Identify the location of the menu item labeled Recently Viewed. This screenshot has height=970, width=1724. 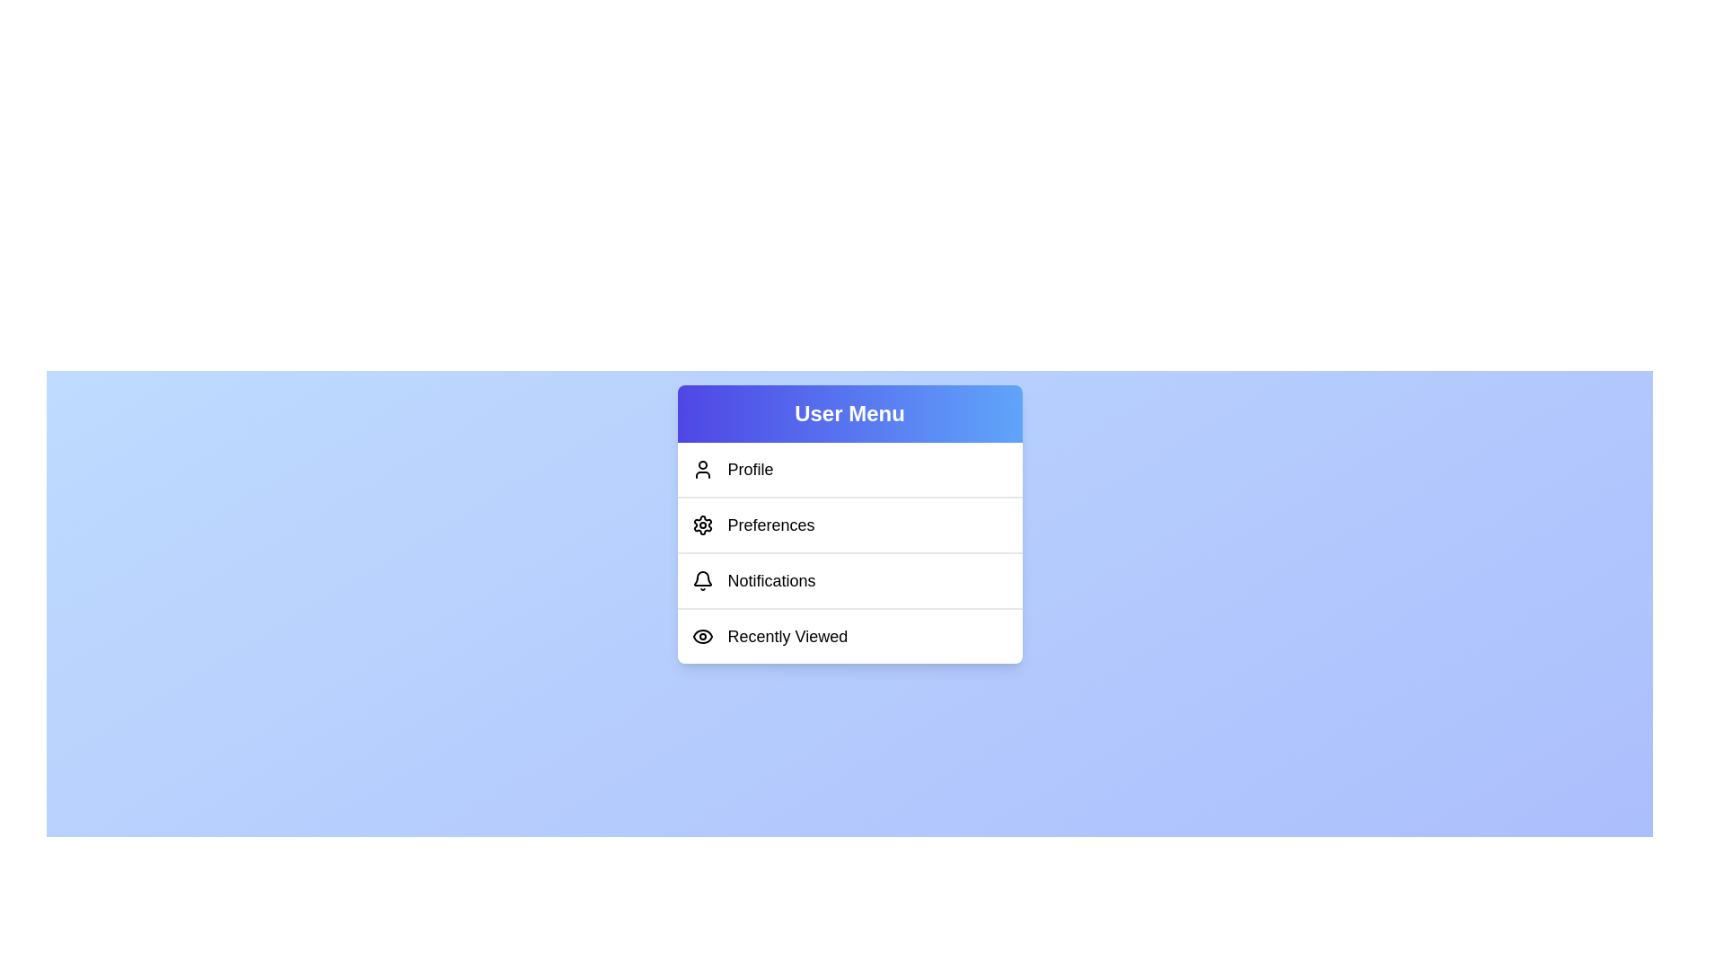
(849, 635).